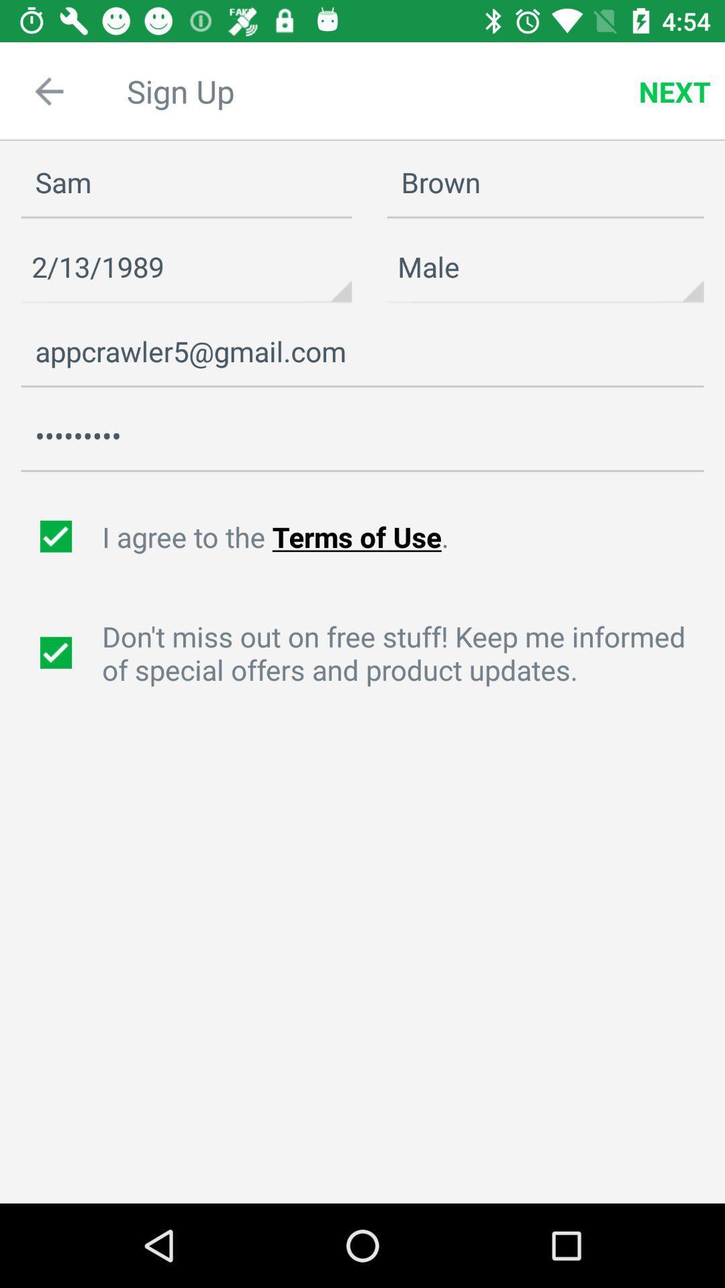  Describe the element at coordinates (545, 182) in the screenshot. I see `brown` at that location.